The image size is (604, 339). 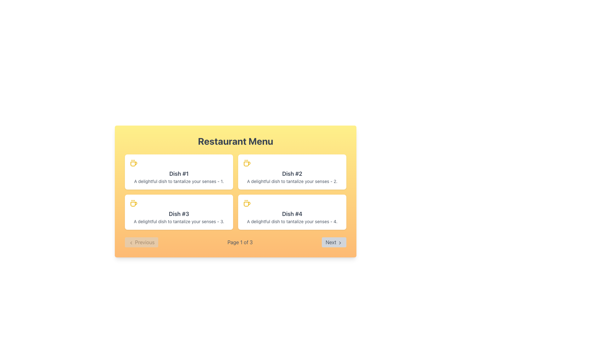 I want to click on the text label that reads 'A delightful dish to tantalize your senses - 4.', which is located directly below the title 'Dish #4', so click(x=292, y=221).